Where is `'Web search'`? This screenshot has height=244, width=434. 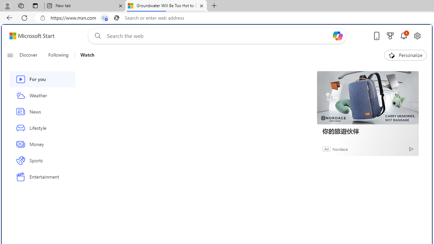 'Web search' is located at coordinates (96, 36).